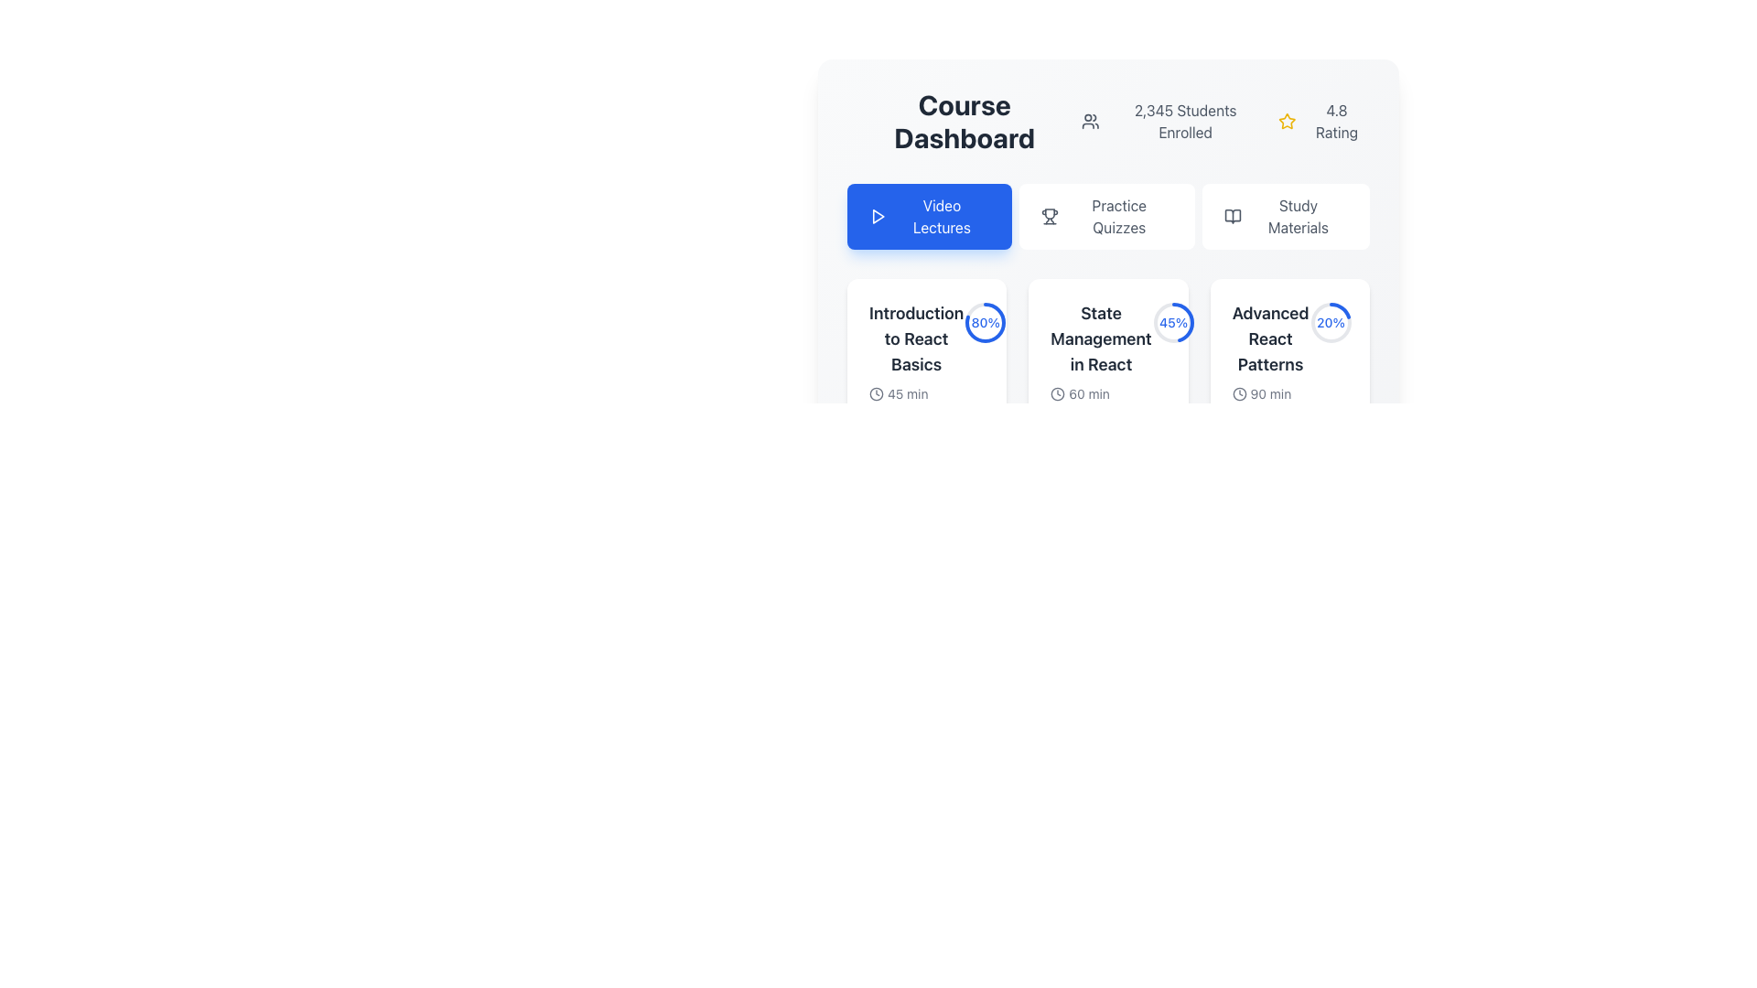 The image size is (1757, 988). Describe the element at coordinates (927, 372) in the screenshot. I see `to select the 'Introduction to React Basics' course information card, which is the leftmost card in the 'Video Lectures' section` at that location.